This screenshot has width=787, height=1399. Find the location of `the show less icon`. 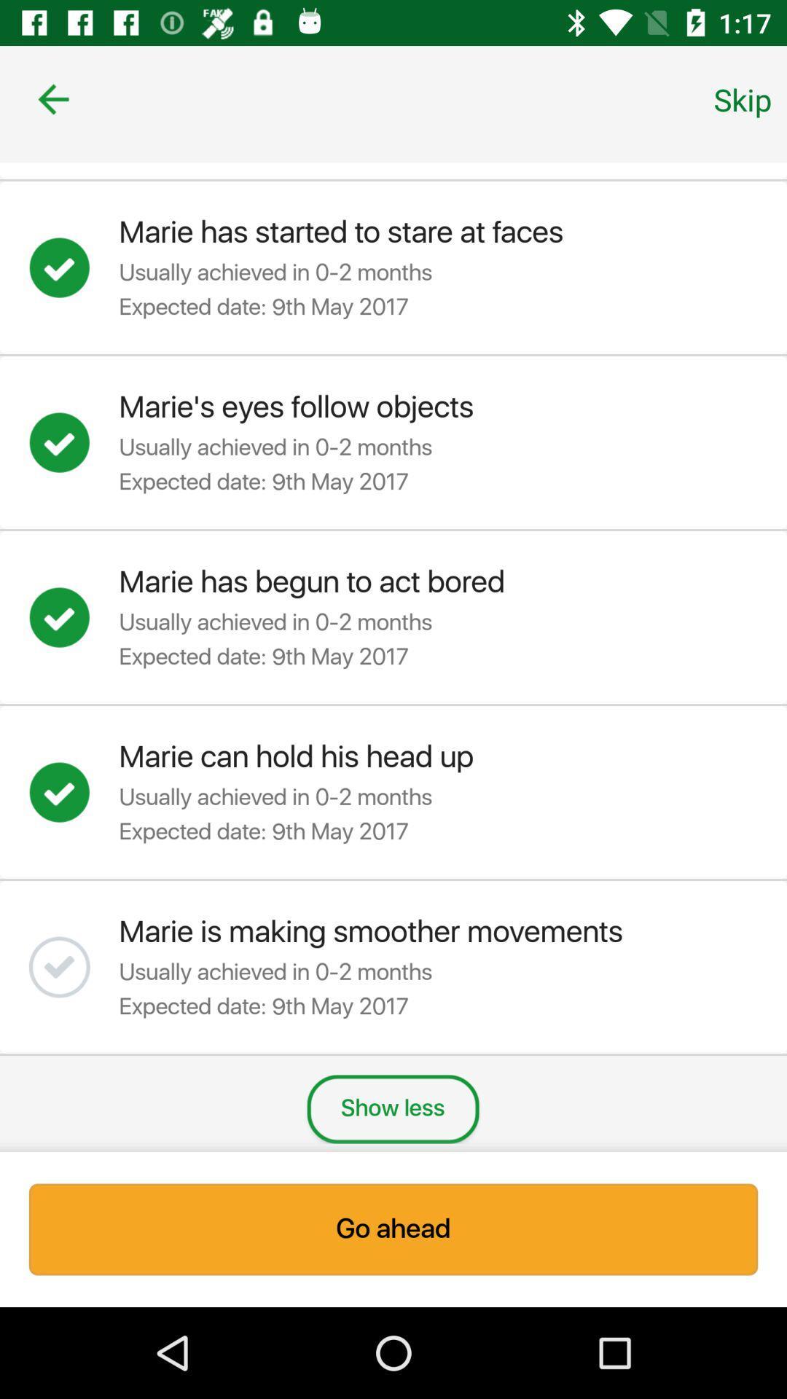

the show less icon is located at coordinates (392, 1108).